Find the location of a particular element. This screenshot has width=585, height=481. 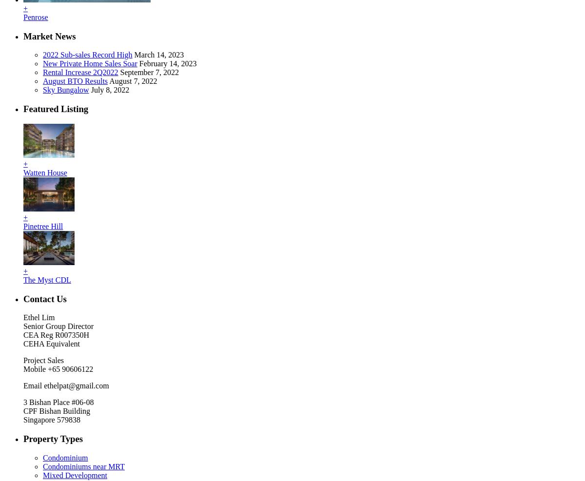

'July 8, 2022' is located at coordinates (109, 89).